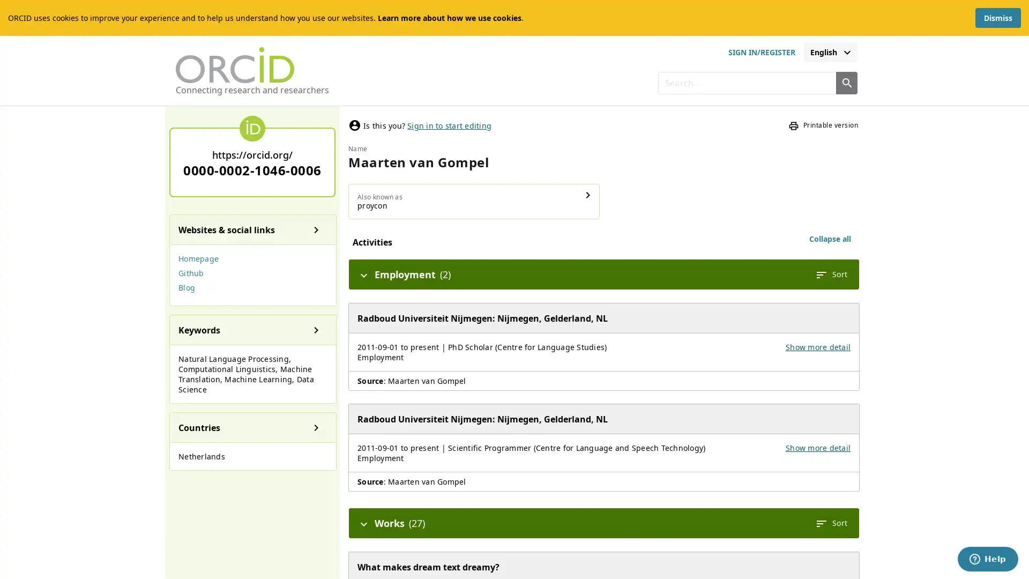  Describe the element at coordinates (588, 195) in the screenshot. I see `Show details` at that location.